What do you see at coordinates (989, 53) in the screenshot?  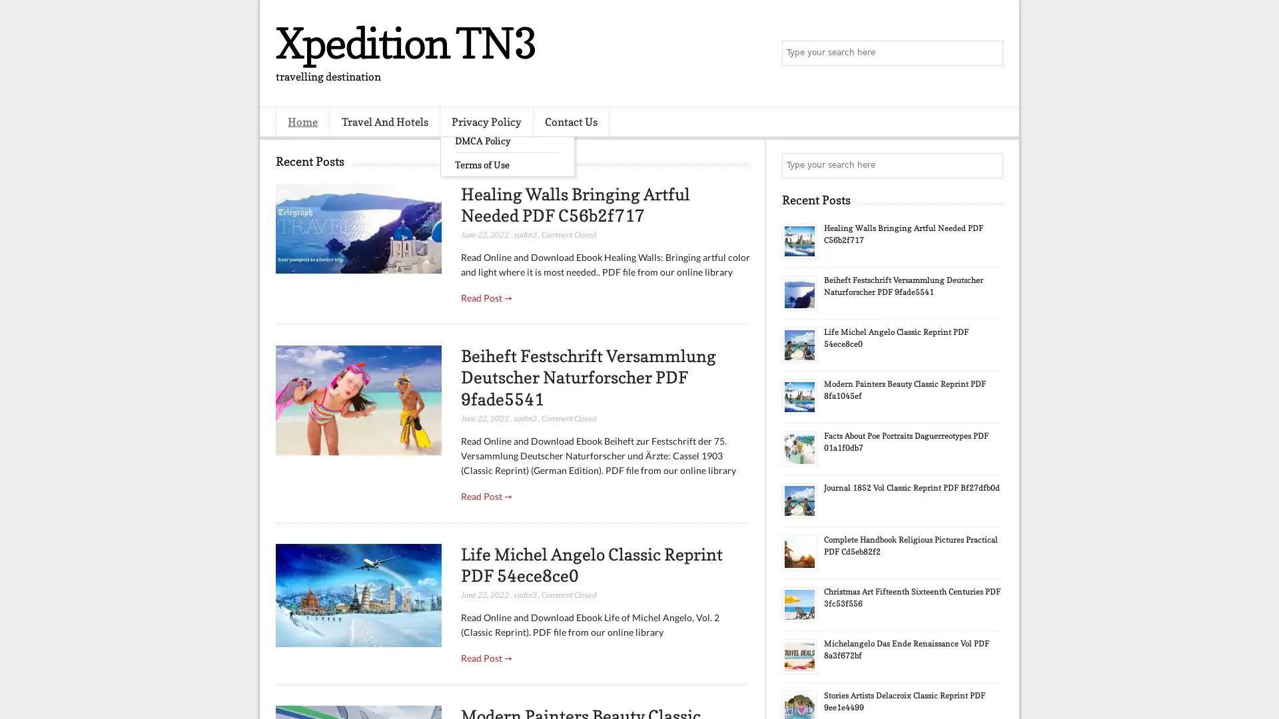 I see `Search` at bounding box center [989, 53].